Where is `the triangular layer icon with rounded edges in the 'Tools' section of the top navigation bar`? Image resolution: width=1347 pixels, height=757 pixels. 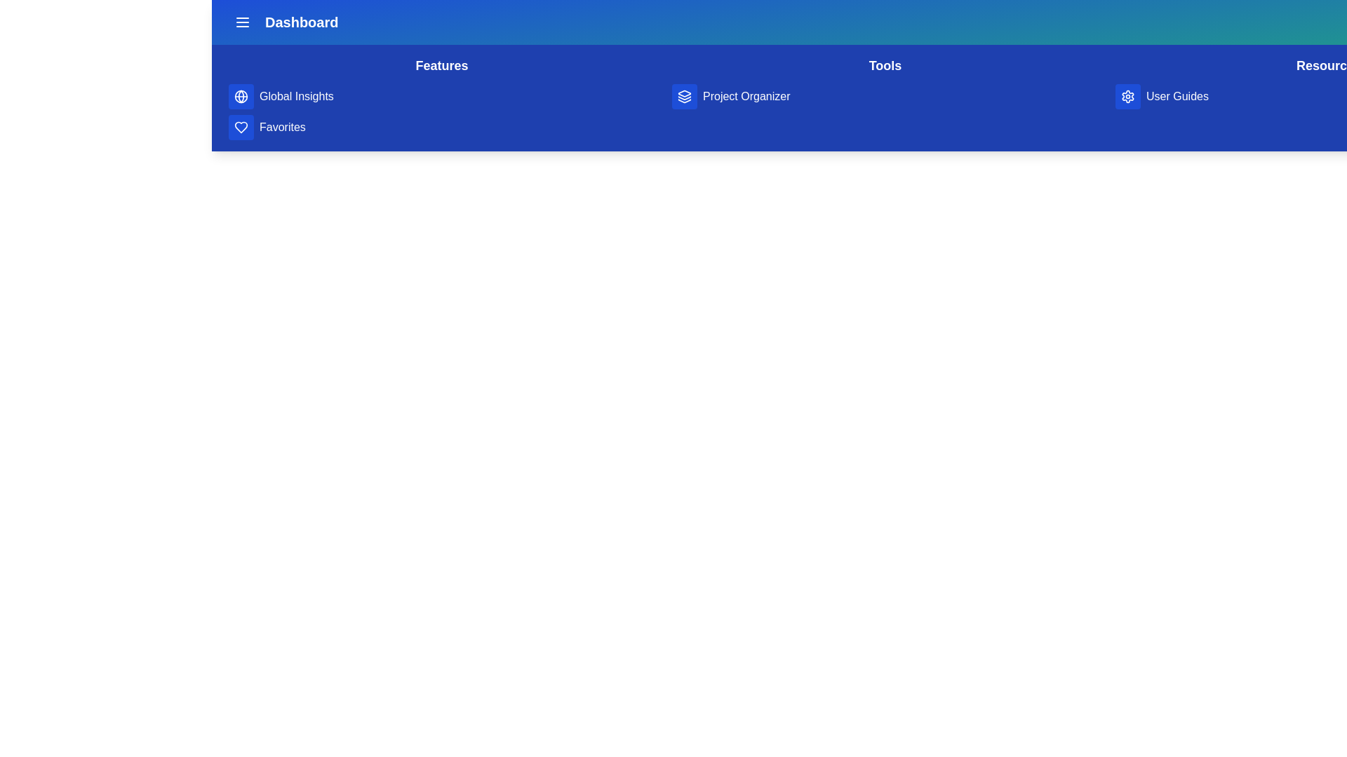 the triangular layer icon with rounded edges in the 'Tools' section of the top navigation bar is located at coordinates (684, 93).